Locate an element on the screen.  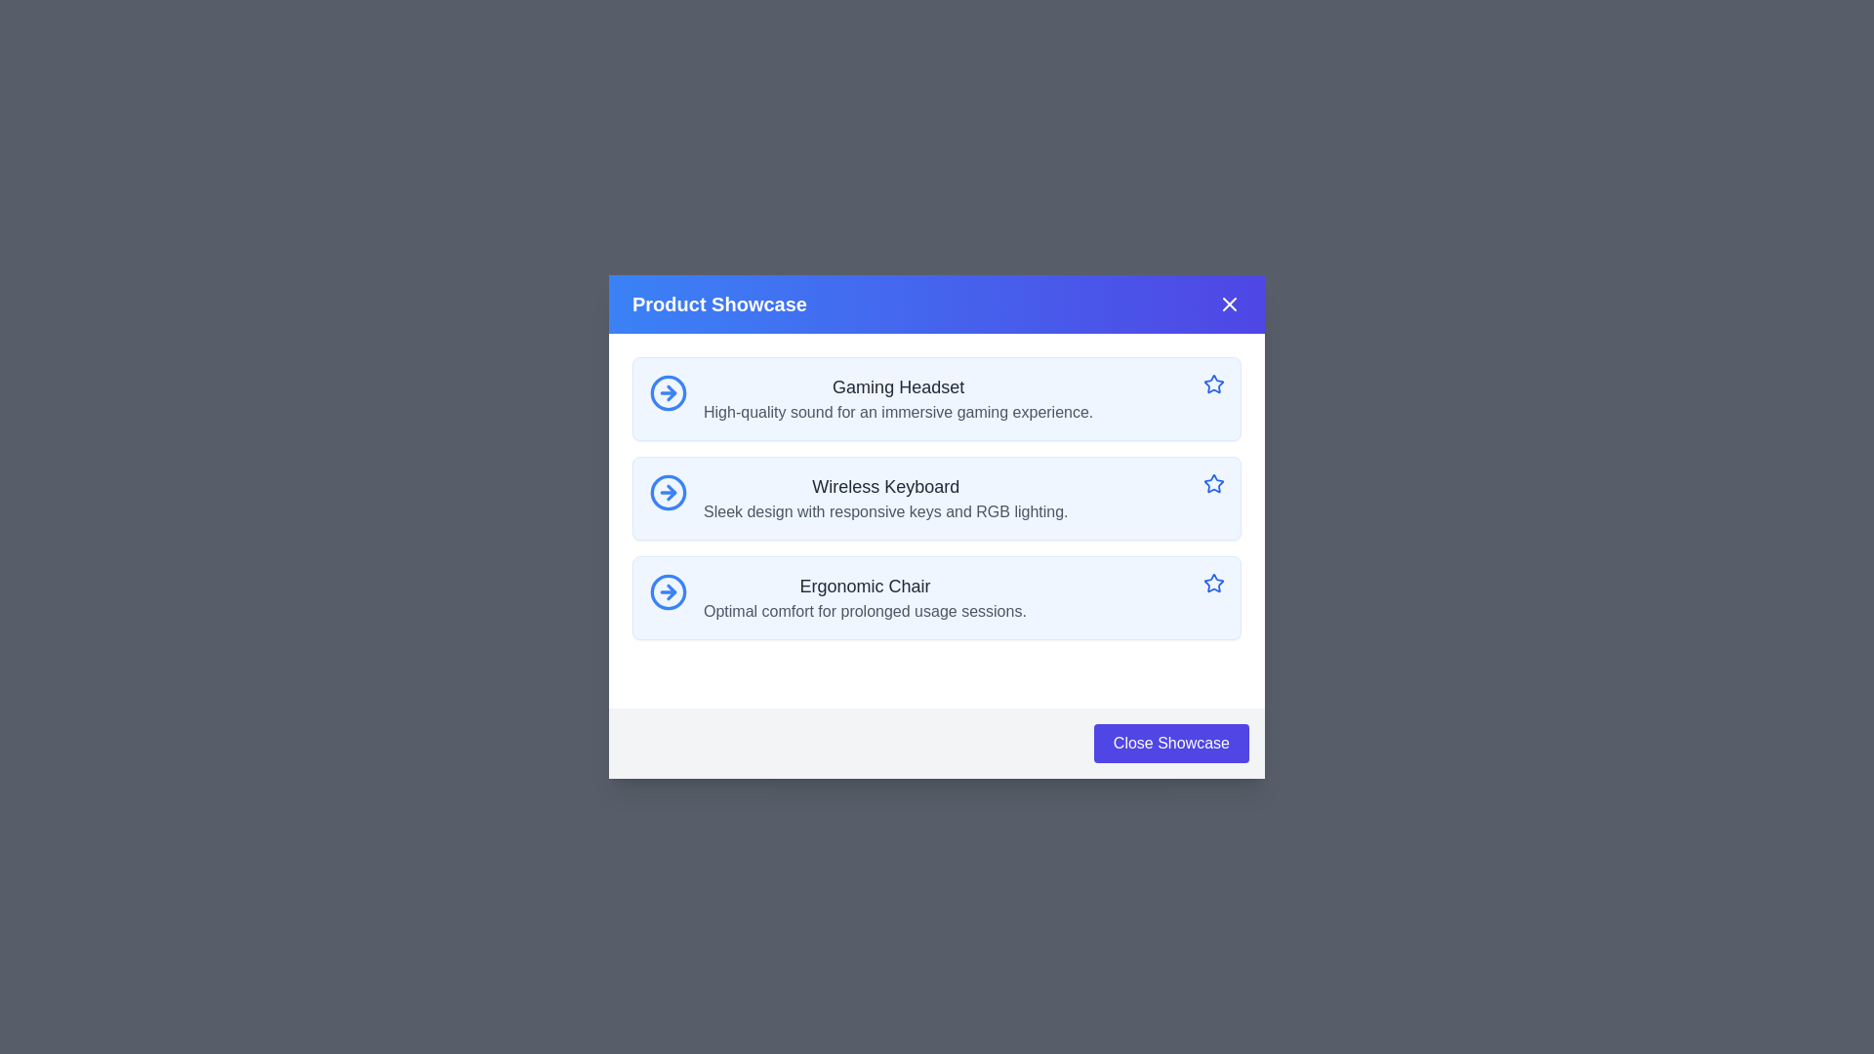
the icon button located to the left of the 'Ergonomic Chair' product details is located at coordinates (669, 590).